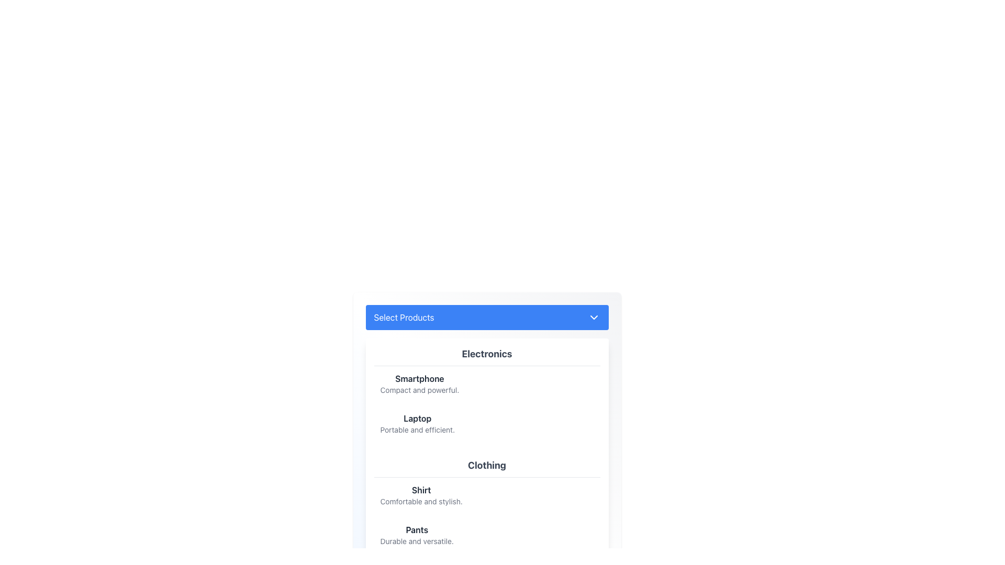  Describe the element at coordinates (486, 495) in the screenshot. I see `the clickable list item for 'Shirt' to trigger a background color change` at that location.